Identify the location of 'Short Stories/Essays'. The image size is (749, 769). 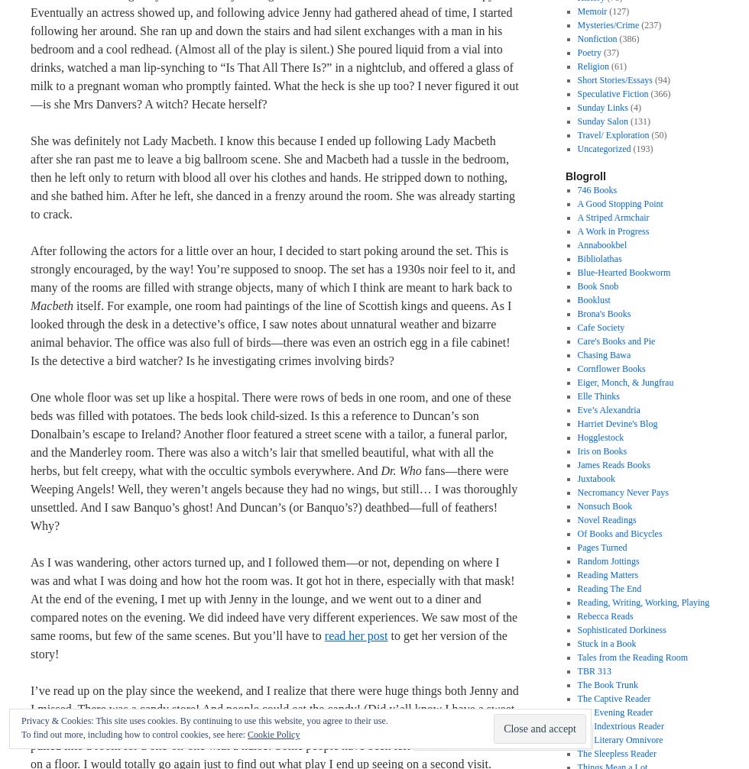
(614, 80).